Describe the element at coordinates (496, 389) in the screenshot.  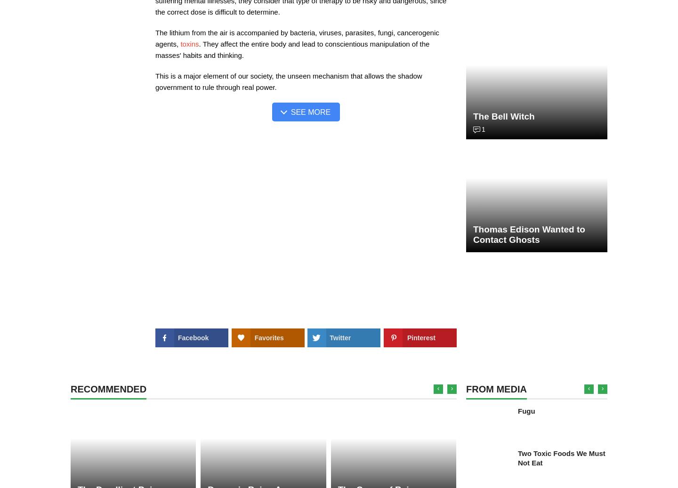
I see `'From Media'` at that location.